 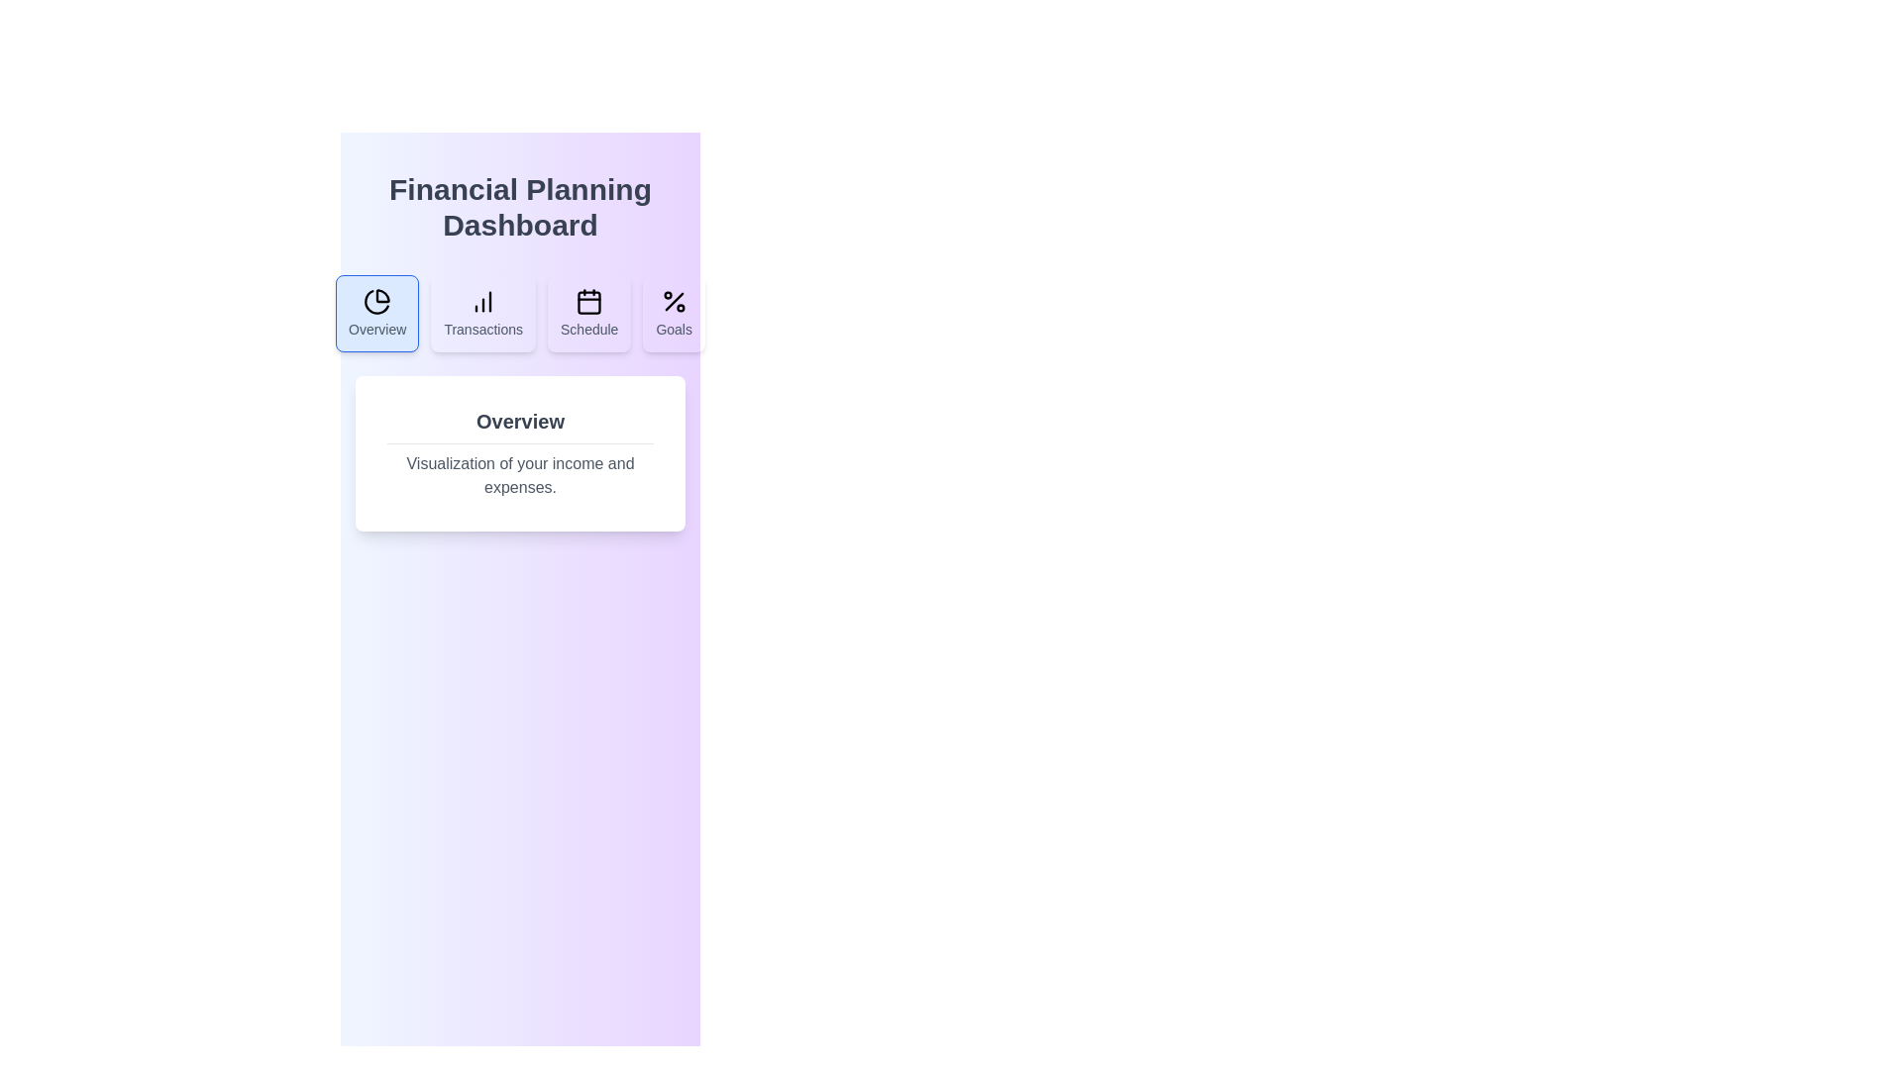 I want to click on the black percentage symbol icon located in the fourth option of the navigation section at the top of the interface, so click(x=674, y=301).